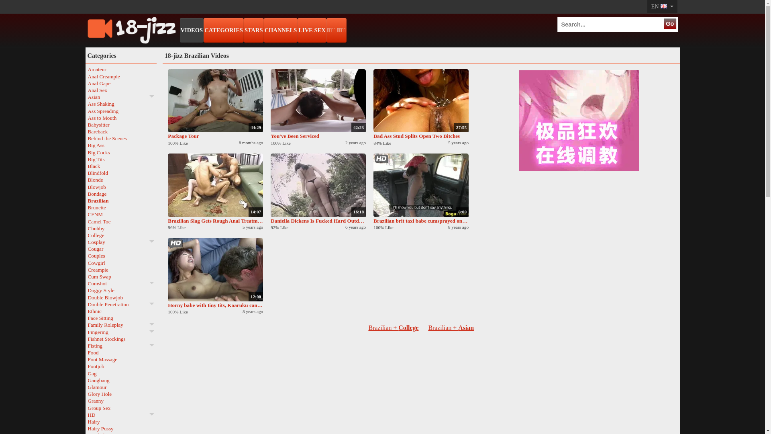 This screenshot has width=771, height=434. Describe the element at coordinates (243, 30) in the screenshot. I see `'STARS'` at that location.